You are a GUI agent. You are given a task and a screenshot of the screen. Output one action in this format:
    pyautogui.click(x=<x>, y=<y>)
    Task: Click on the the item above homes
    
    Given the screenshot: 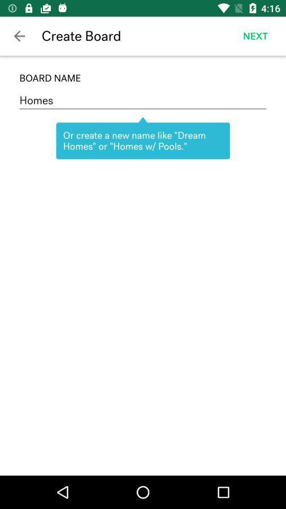 What is the action you would take?
    pyautogui.click(x=143, y=77)
    